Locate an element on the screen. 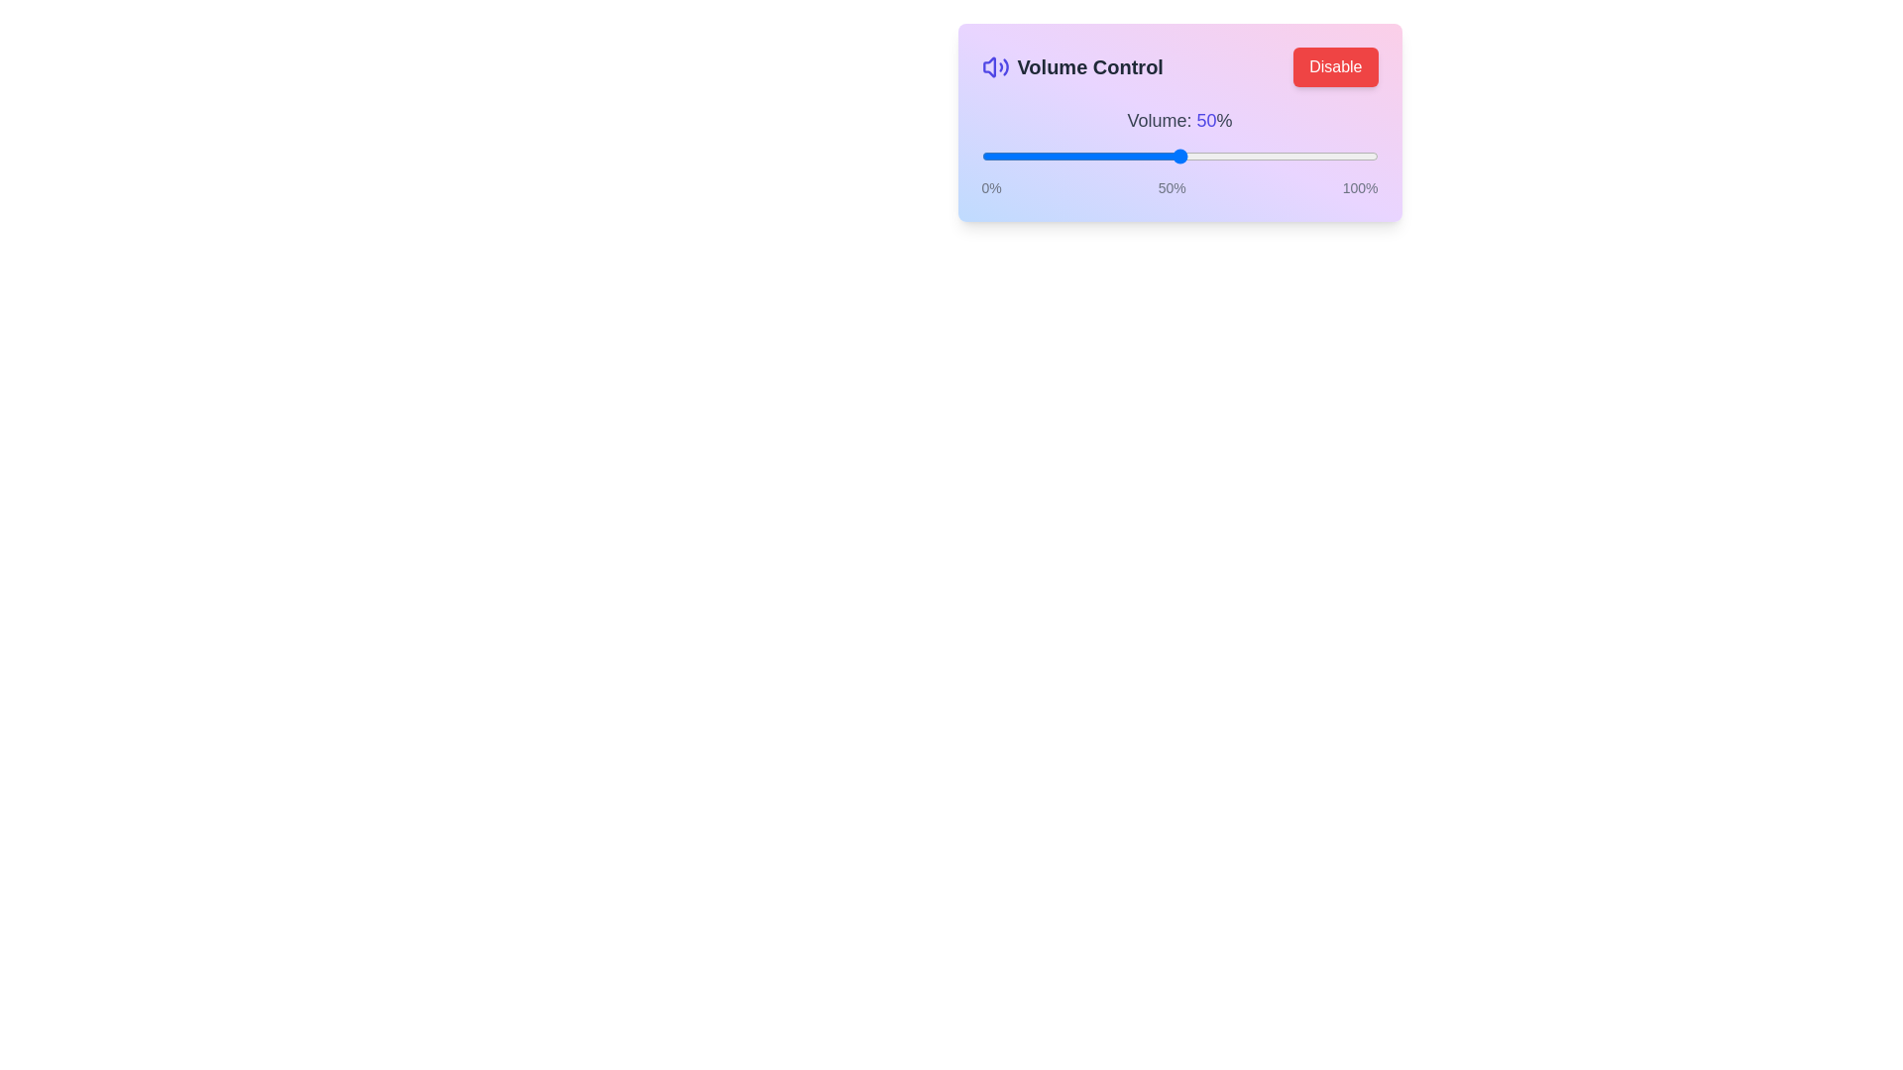  the text label displaying '50%' that is centrally aligned beneath the horizontal slider, positioned between '0%' and '100%' is located at coordinates (1172, 187).